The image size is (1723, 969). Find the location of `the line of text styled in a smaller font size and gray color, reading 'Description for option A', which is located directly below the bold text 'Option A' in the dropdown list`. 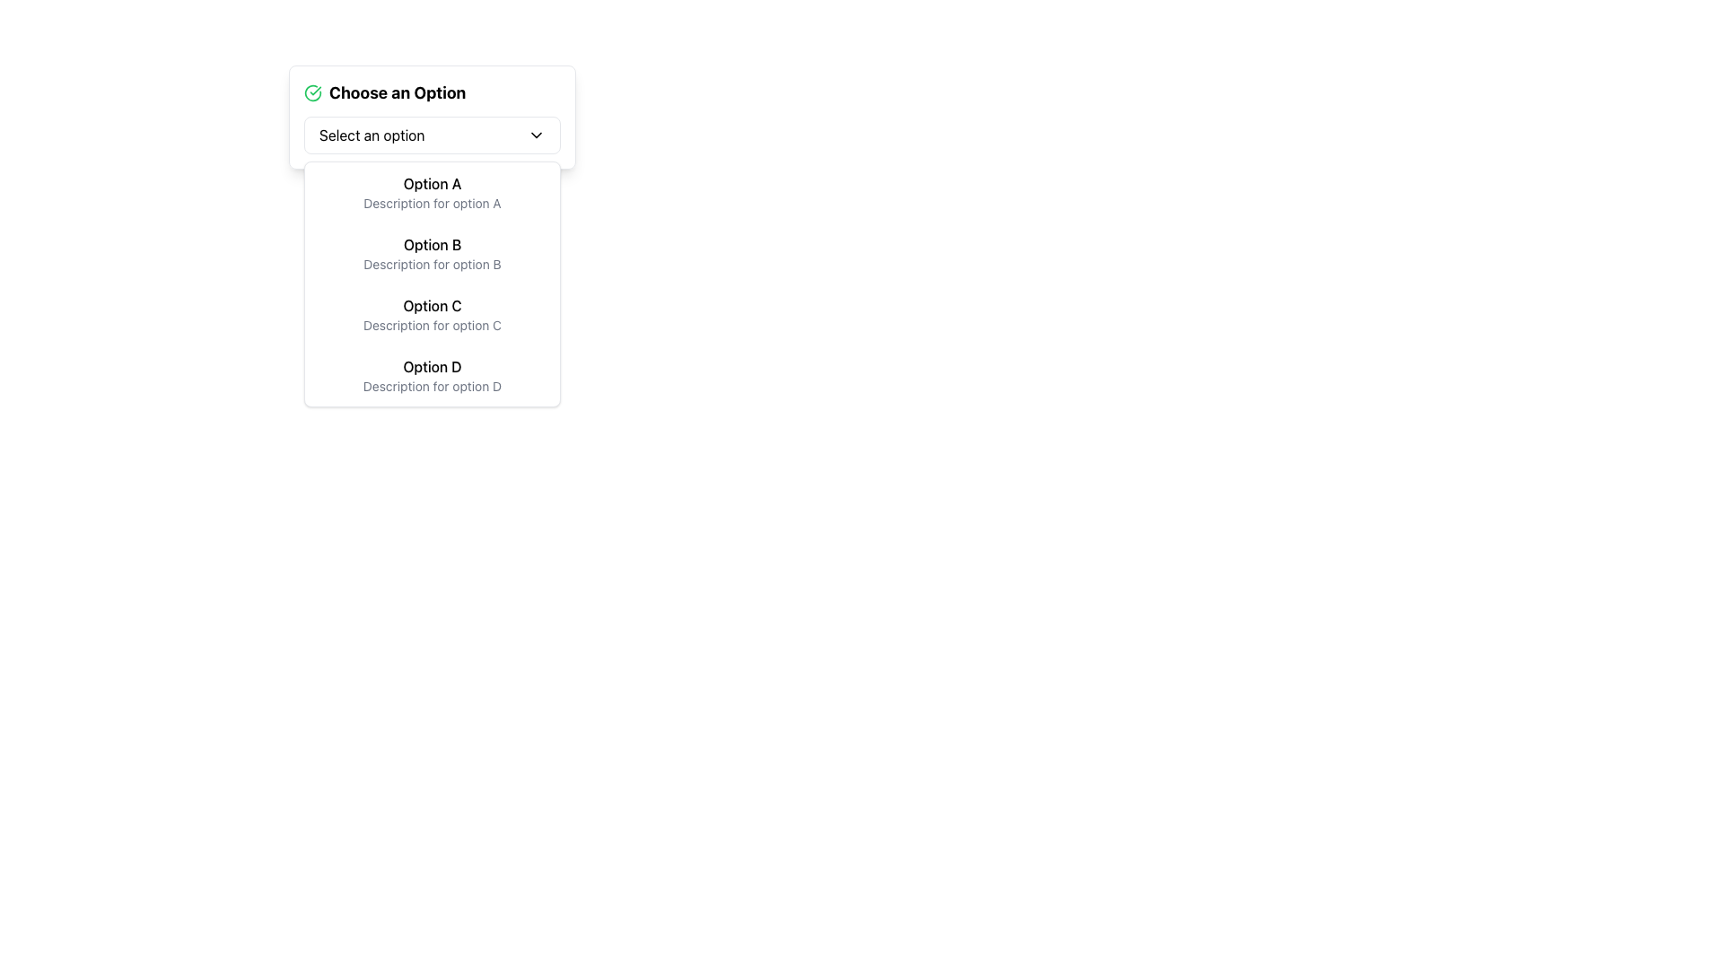

the line of text styled in a smaller font size and gray color, reading 'Description for option A', which is located directly below the bold text 'Option A' in the dropdown list is located at coordinates (432, 203).